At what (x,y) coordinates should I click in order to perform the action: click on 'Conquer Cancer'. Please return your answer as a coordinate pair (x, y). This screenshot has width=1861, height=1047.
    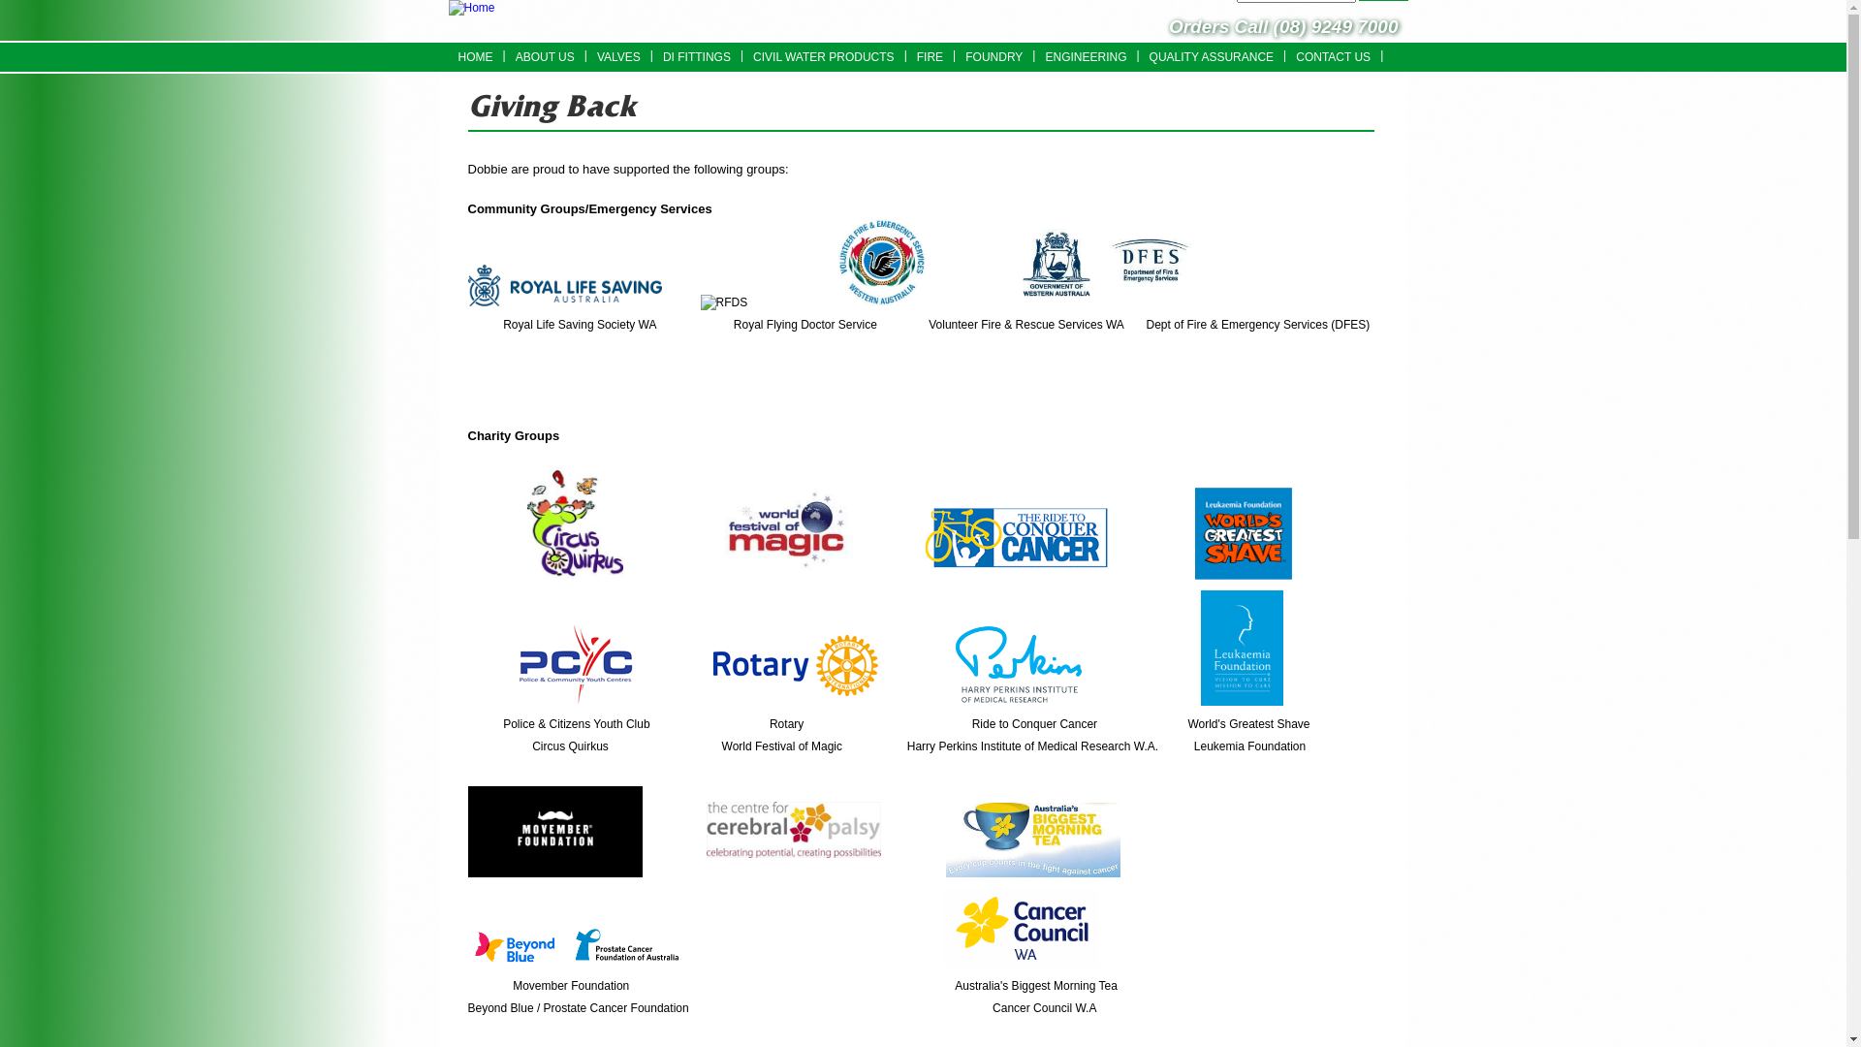
    Looking at the image, I should click on (1009, 537).